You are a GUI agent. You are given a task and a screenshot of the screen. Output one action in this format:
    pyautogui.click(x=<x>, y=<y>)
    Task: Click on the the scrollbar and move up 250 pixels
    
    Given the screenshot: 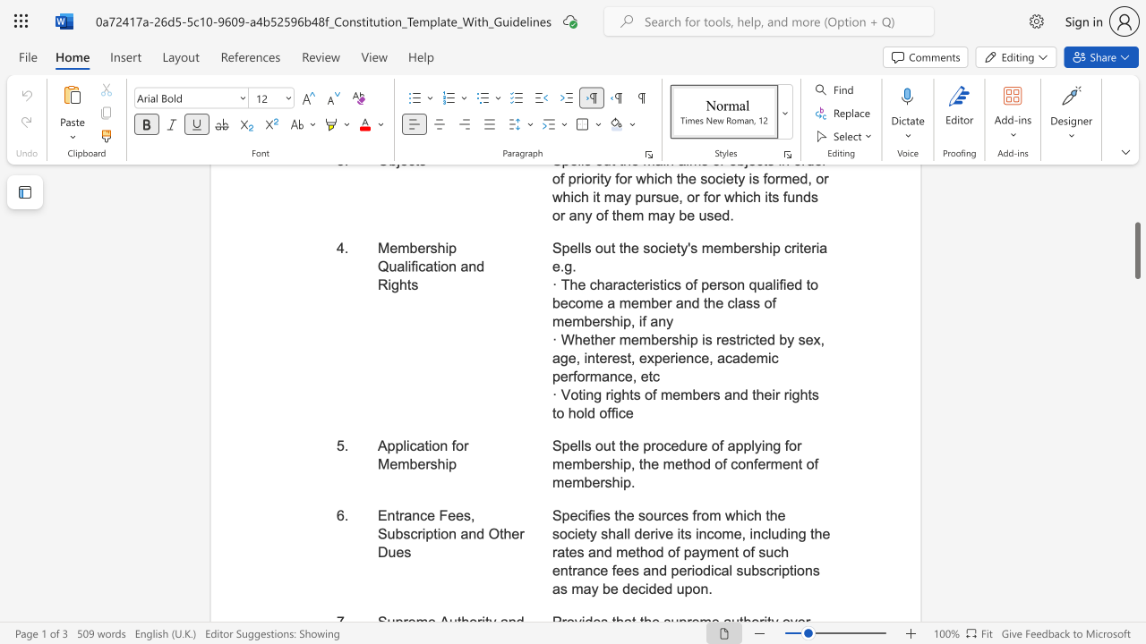 What is the action you would take?
    pyautogui.click(x=1136, y=250)
    